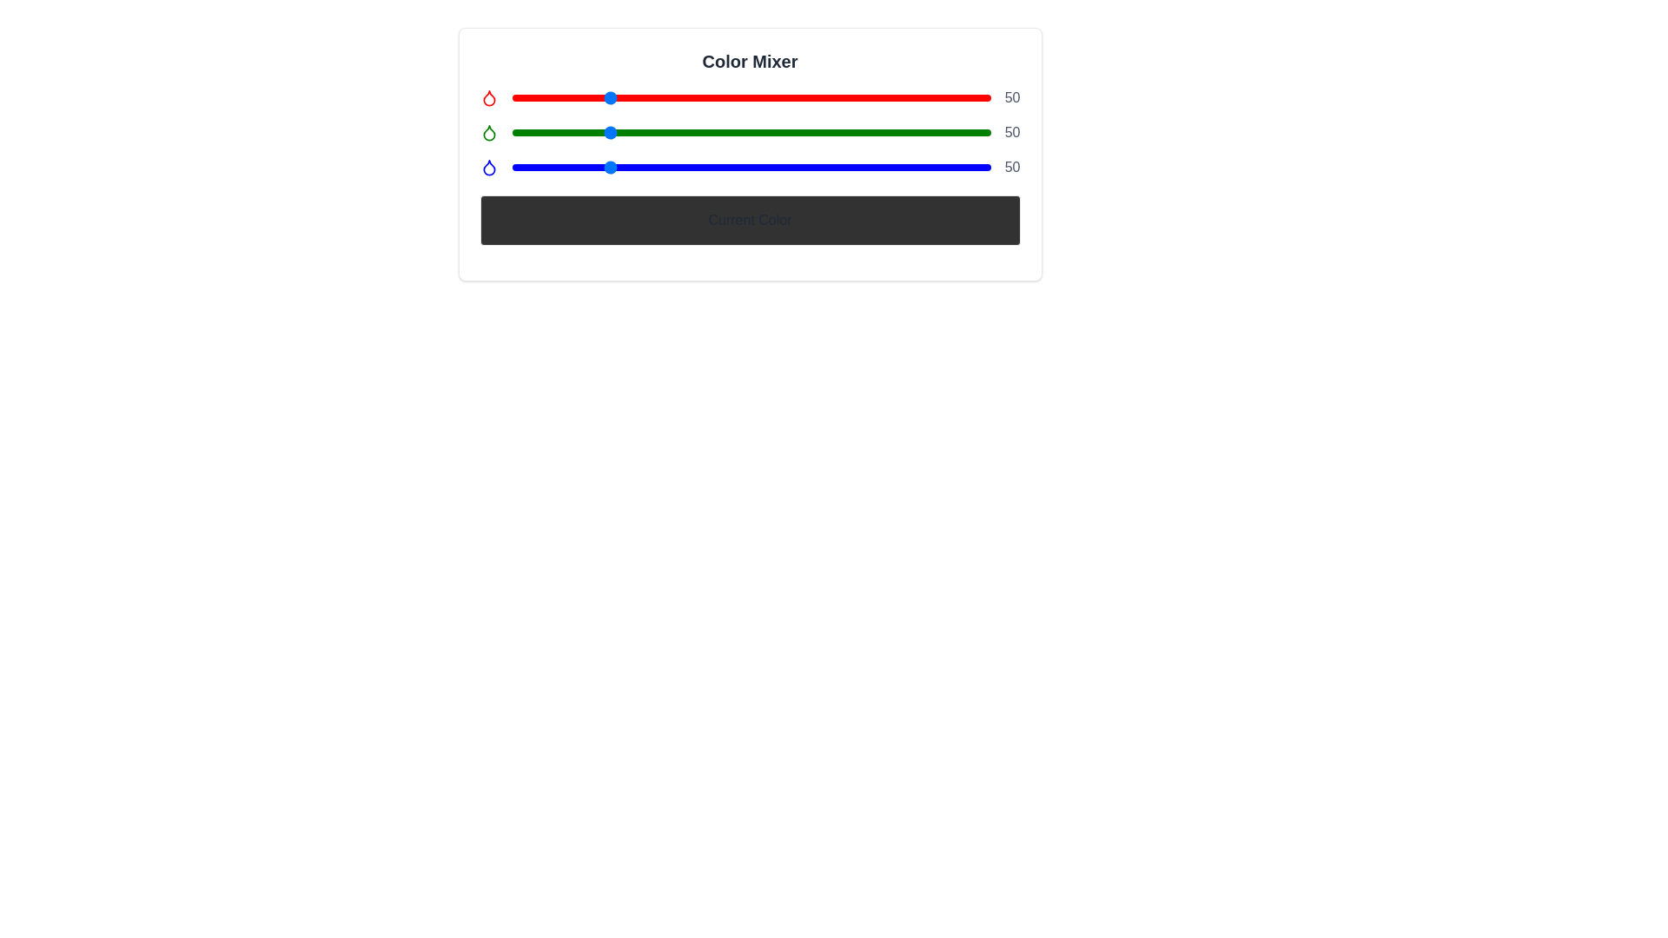 Image resolution: width=1668 pixels, height=938 pixels. Describe the element at coordinates (917, 132) in the screenshot. I see `the green color slider to 216` at that location.